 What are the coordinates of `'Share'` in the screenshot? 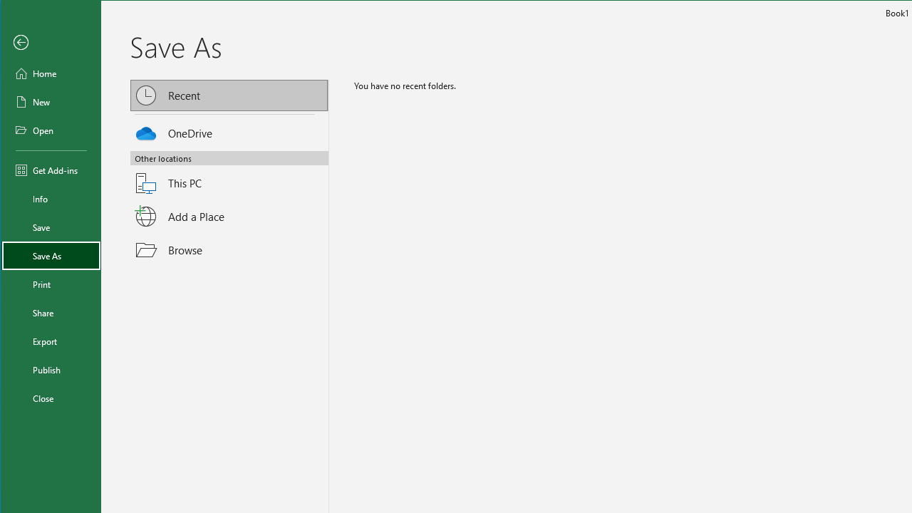 It's located at (51, 312).